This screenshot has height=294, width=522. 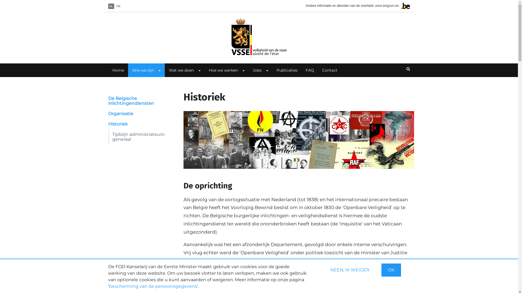 What do you see at coordinates (0, 0) in the screenshot?
I see `'Overslaan en naar de inhoud gaan'` at bounding box center [0, 0].